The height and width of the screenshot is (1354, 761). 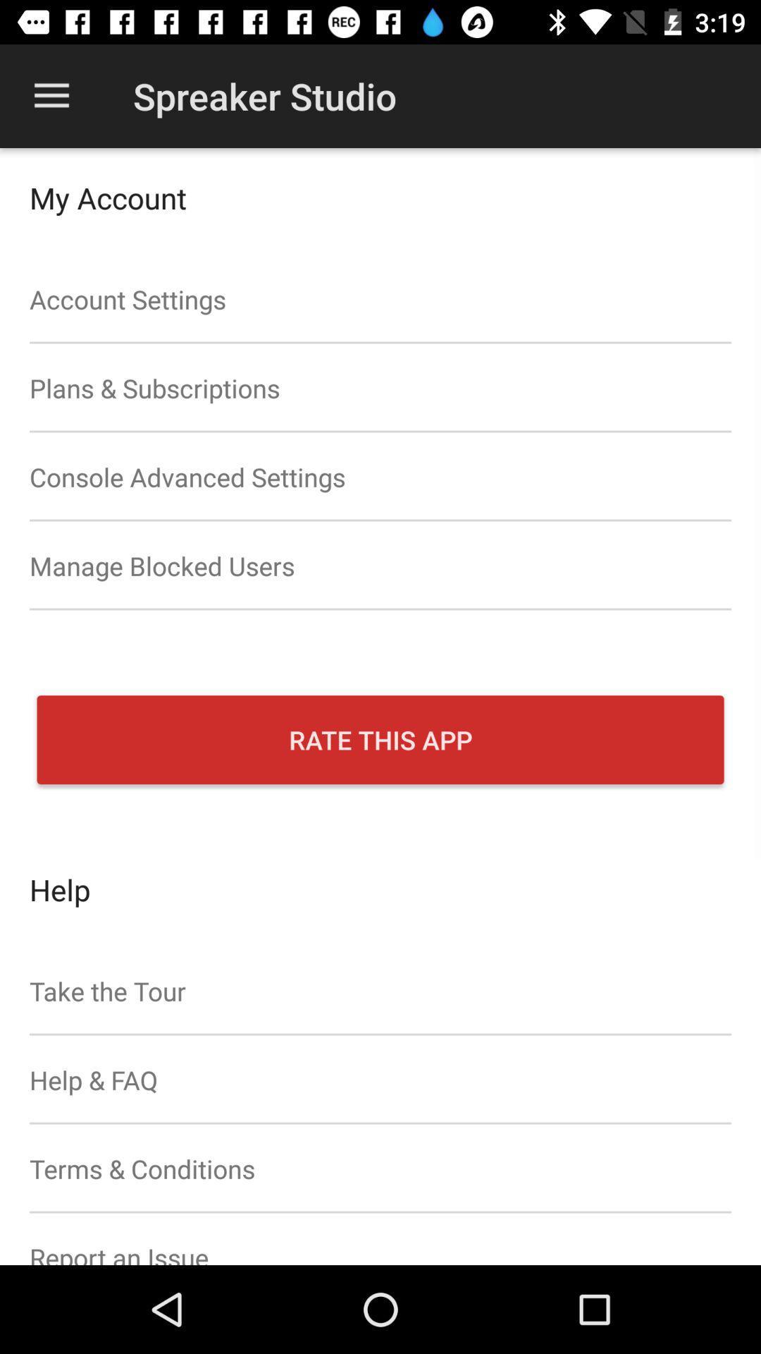 What do you see at coordinates (380, 477) in the screenshot?
I see `the item above manage blocked users item` at bounding box center [380, 477].